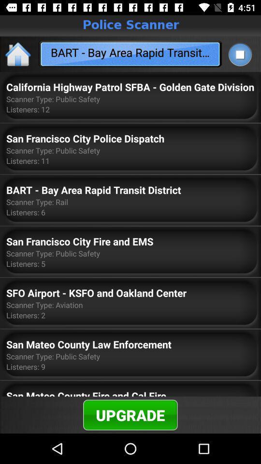 This screenshot has height=464, width=261. I want to click on the item above scanner type: aviation icon, so click(96, 292).